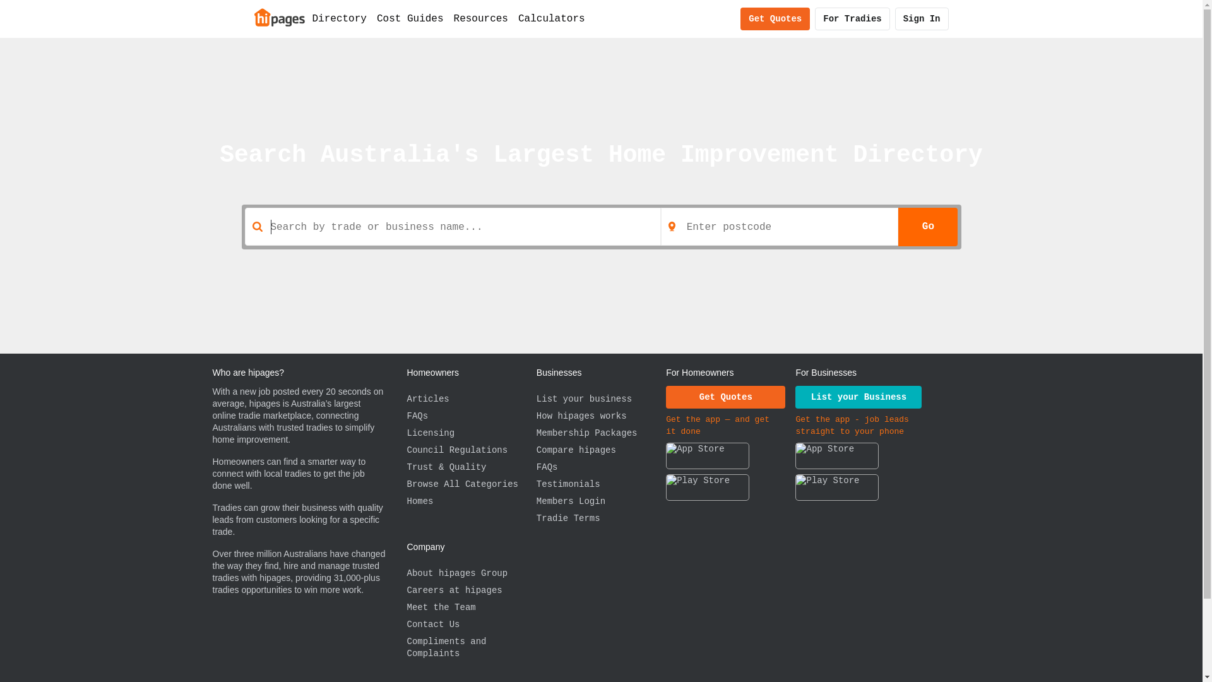 This screenshot has height=682, width=1212. I want to click on 'Meet the Team', so click(470, 607).